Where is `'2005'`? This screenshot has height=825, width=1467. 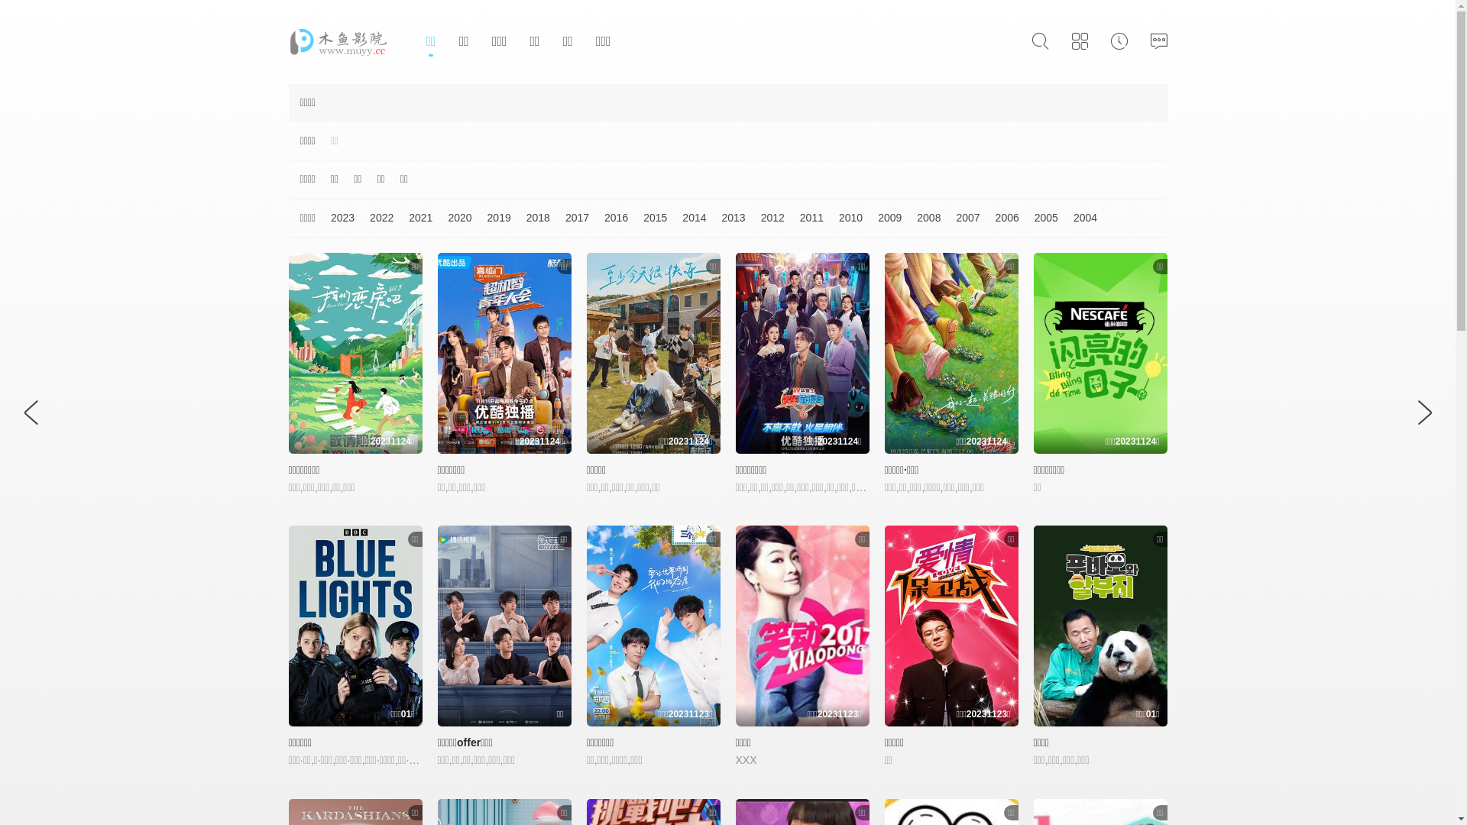
'2005' is located at coordinates (1038, 218).